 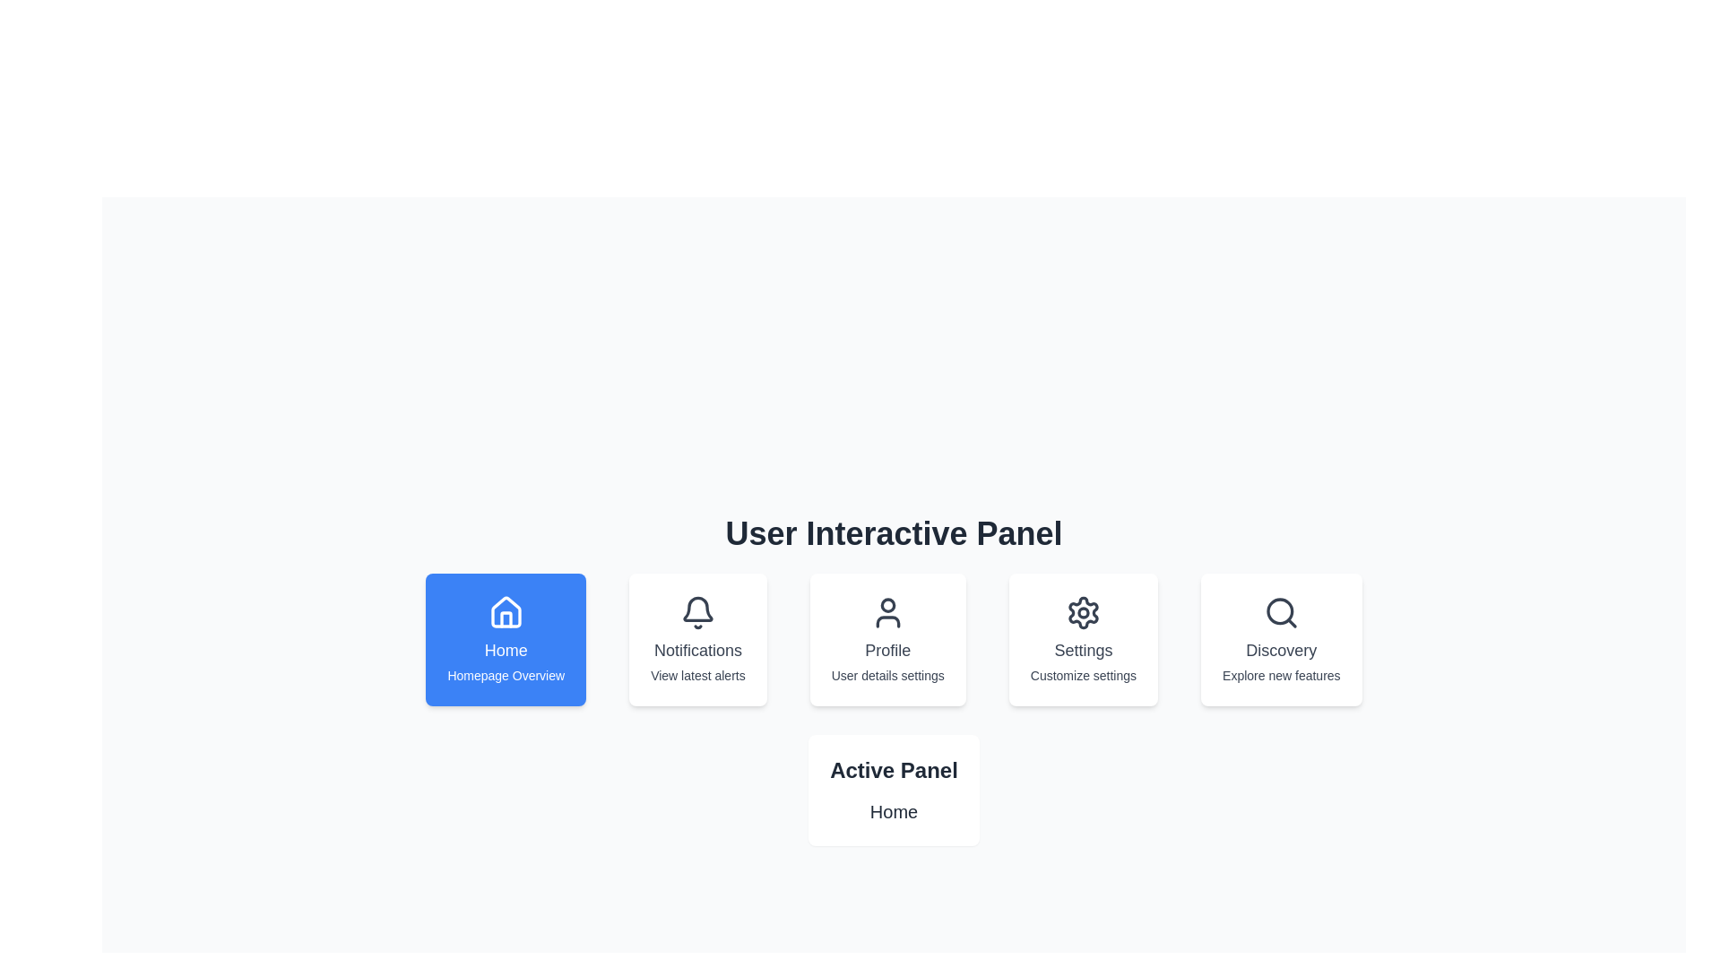 What do you see at coordinates (505, 638) in the screenshot?
I see `the navigation card located in the top-left corner of the horizontally aligned group of options` at bounding box center [505, 638].